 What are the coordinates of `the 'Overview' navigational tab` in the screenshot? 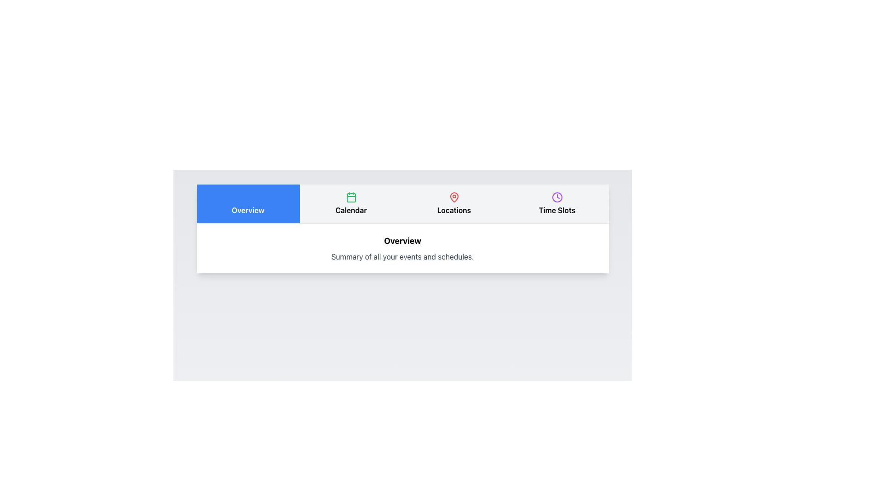 It's located at (248, 203).